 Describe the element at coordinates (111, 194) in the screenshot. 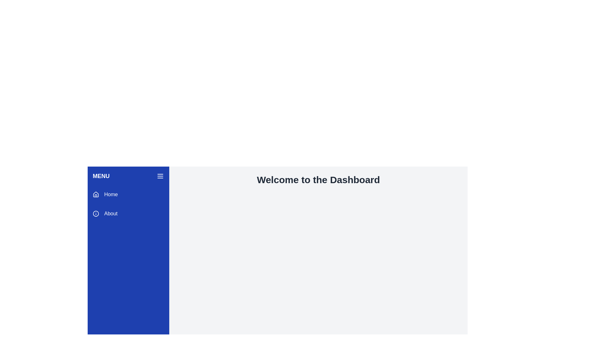

I see `the content of the 'Home' text label in the blue sidebar menu, which is aligned to the left after the house icon` at that location.